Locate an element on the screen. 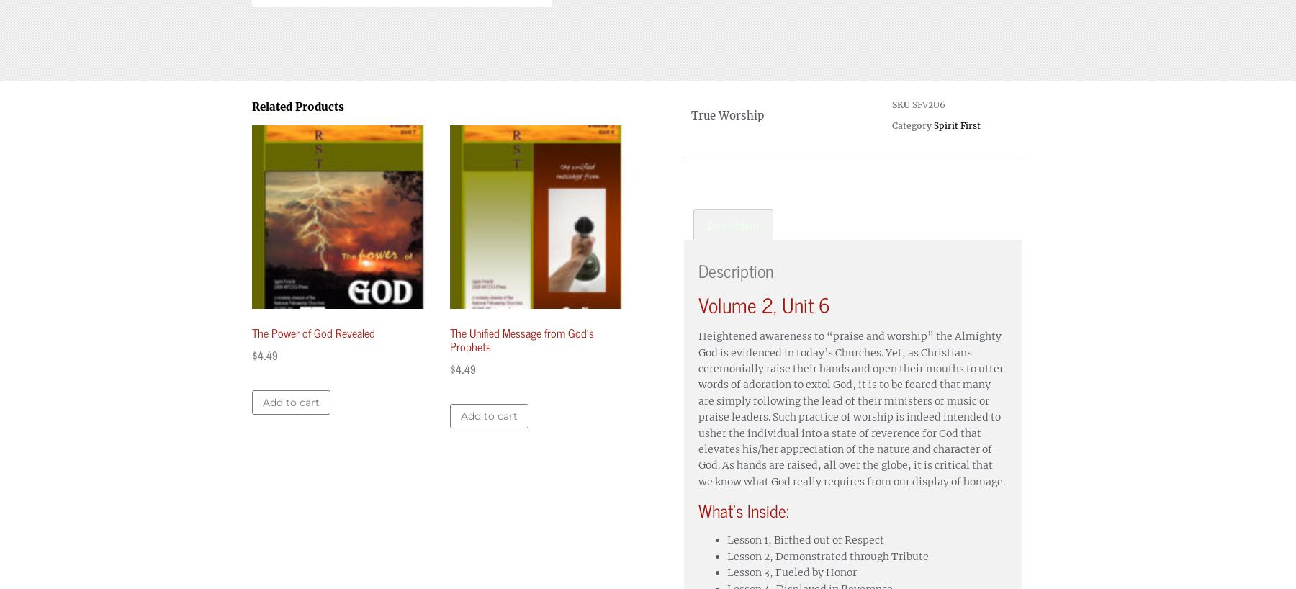 The height and width of the screenshot is (589, 1296). 'Category' is located at coordinates (911, 124).